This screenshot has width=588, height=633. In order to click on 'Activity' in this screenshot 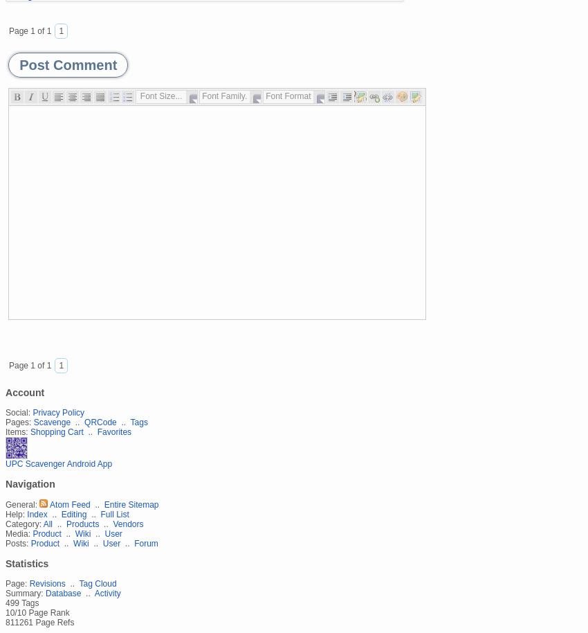, I will do `click(107, 592)`.